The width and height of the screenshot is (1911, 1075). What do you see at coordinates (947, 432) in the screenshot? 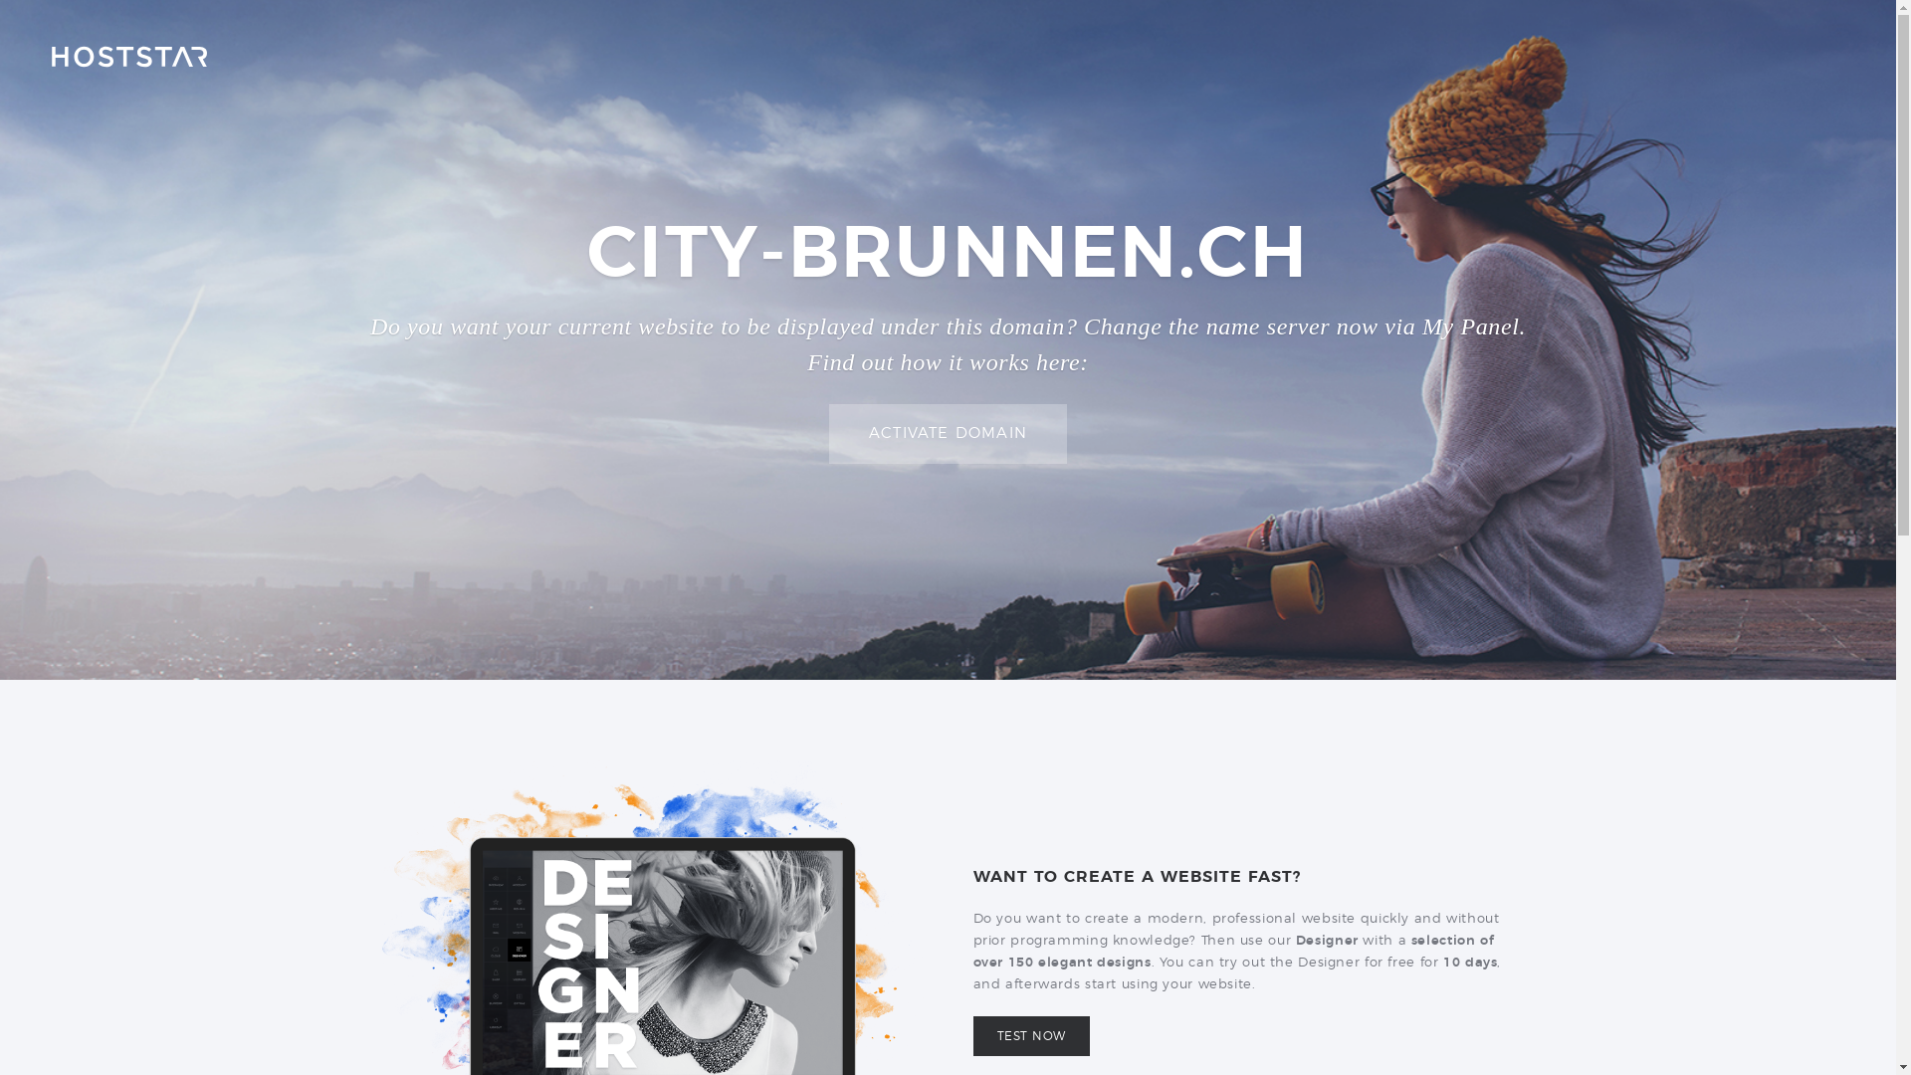
I see `'ACTIVATE DOMAIN'` at bounding box center [947, 432].